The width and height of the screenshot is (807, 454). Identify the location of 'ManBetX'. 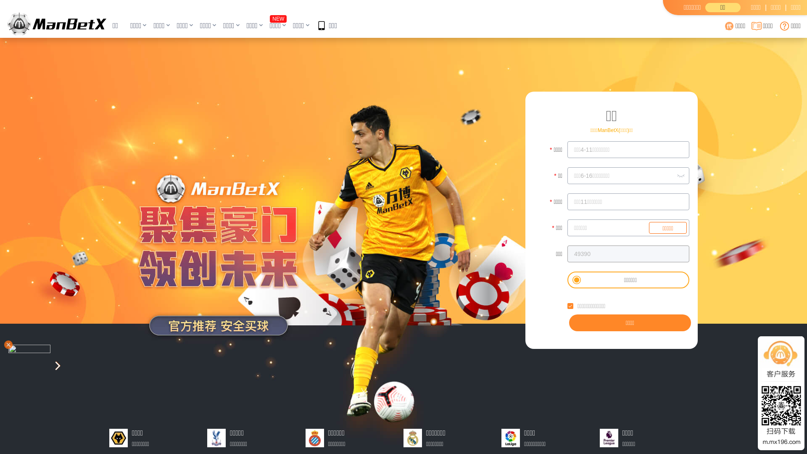
(56, 24).